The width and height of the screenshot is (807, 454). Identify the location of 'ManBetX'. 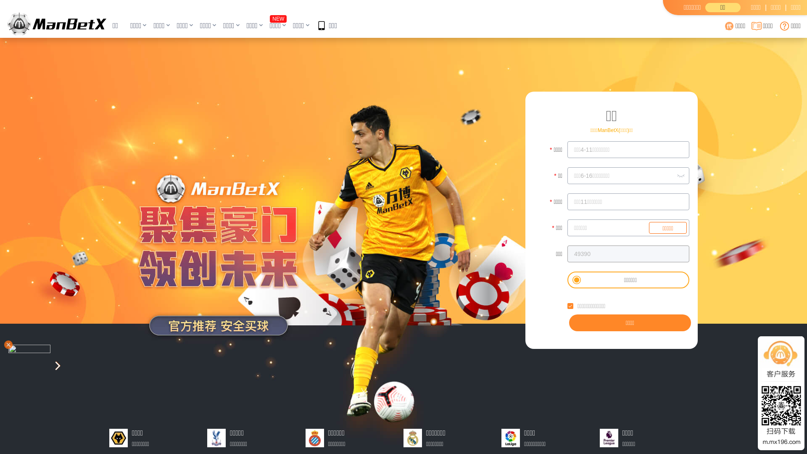
(56, 24).